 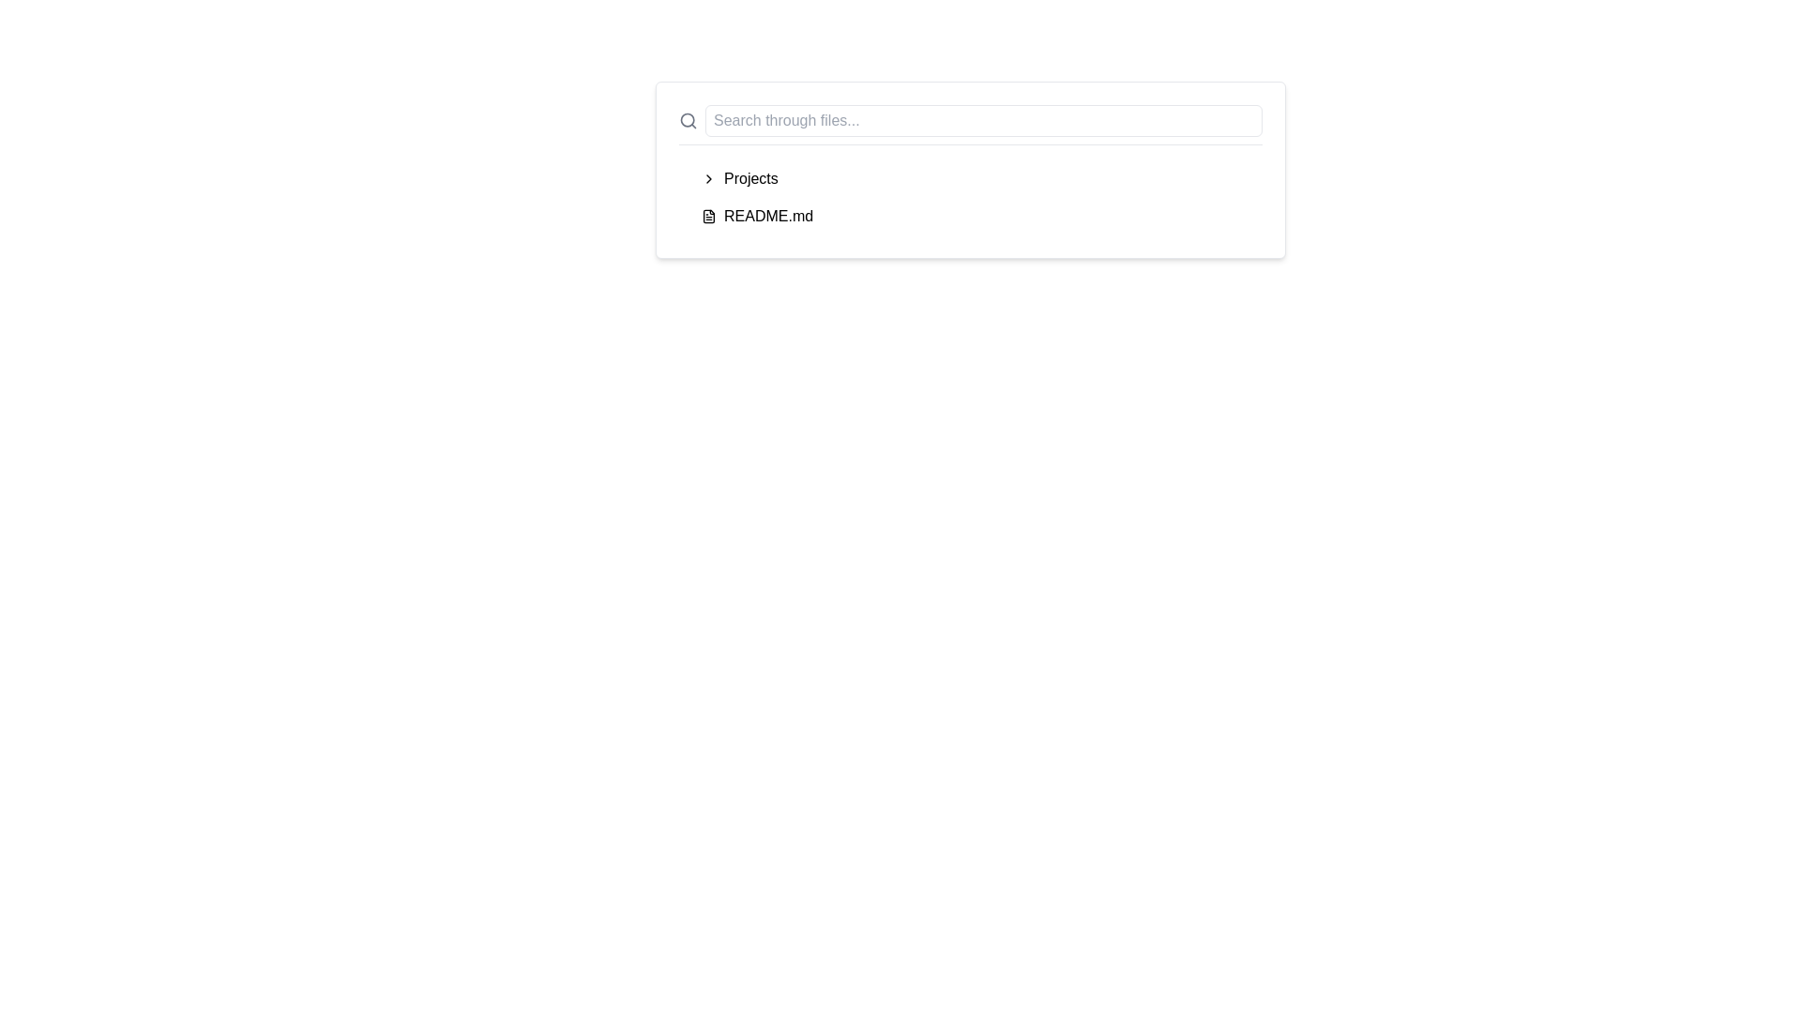 What do you see at coordinates (707, 216) in the screenshot?
I see `the decorative vector graphic component that visually represents a file document, located at the top-right corner of the file icon` at bounding box center [707, 216].